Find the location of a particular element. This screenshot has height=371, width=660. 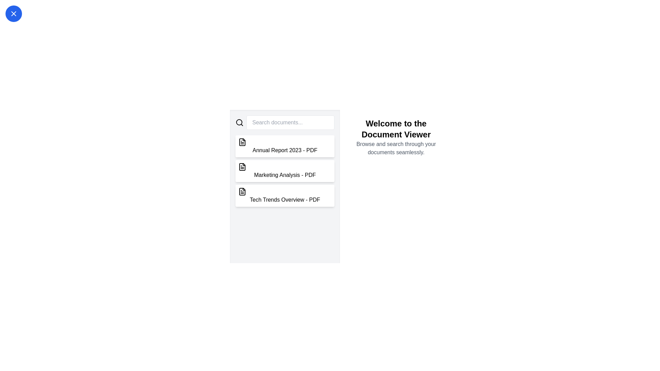

the document Marketing Analysis - PDF from the list is located at coordinates (285, 170).